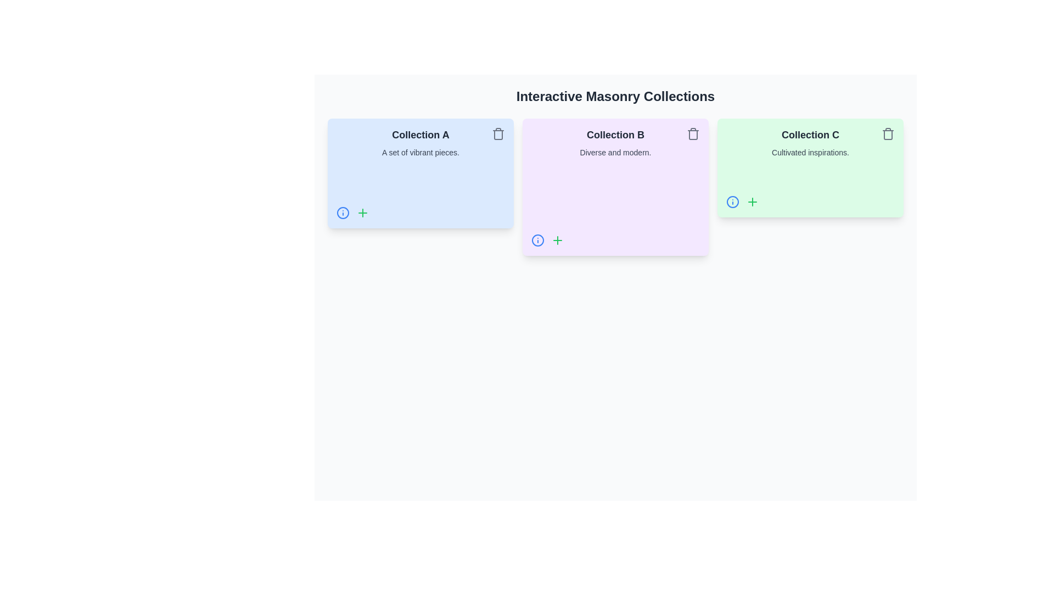 This screenshot has width=1054, height=593. Describe the element at coordinates (497, 133) in the screenshot. I see `the deletion button icon located at the top-right corner of 'Collection A' card to change its color` at that location.